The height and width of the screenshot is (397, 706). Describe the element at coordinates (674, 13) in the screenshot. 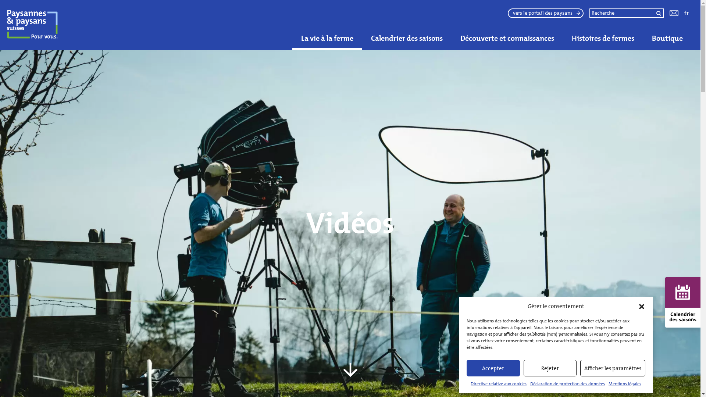

I see `'Kontakt'` at that location.